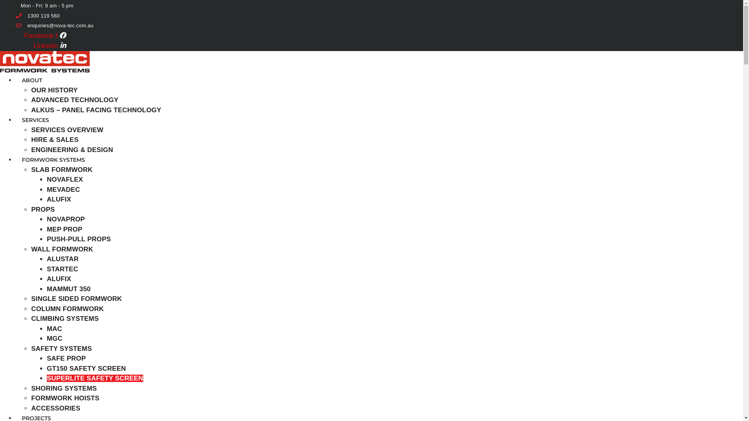 This screenshot has height=421, width=749. I want to click on 'enquiries@nova-tec.com.au', so click(54, 25).